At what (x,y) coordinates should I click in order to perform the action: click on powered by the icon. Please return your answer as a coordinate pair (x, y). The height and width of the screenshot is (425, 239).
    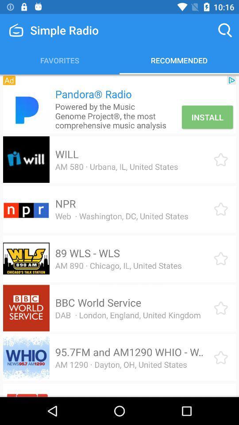
    Looking at the image, I should click on (117, 116).